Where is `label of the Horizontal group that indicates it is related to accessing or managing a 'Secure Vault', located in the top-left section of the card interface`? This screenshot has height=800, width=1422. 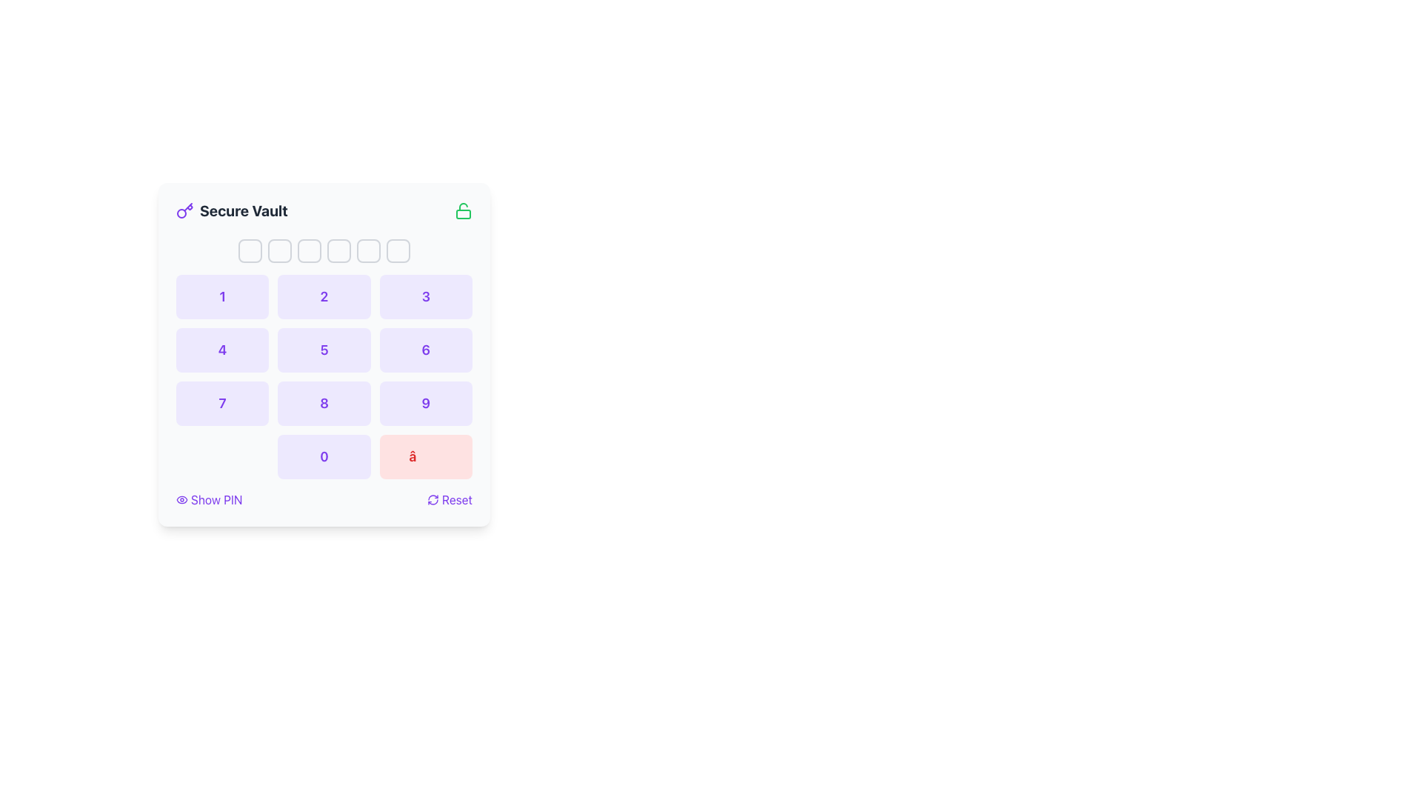 label of the Horizontal group that indicates it is related to accessing or managing a 'Secure Vault', located in the top-left section of the card interface is located at coordinates (231, 211).